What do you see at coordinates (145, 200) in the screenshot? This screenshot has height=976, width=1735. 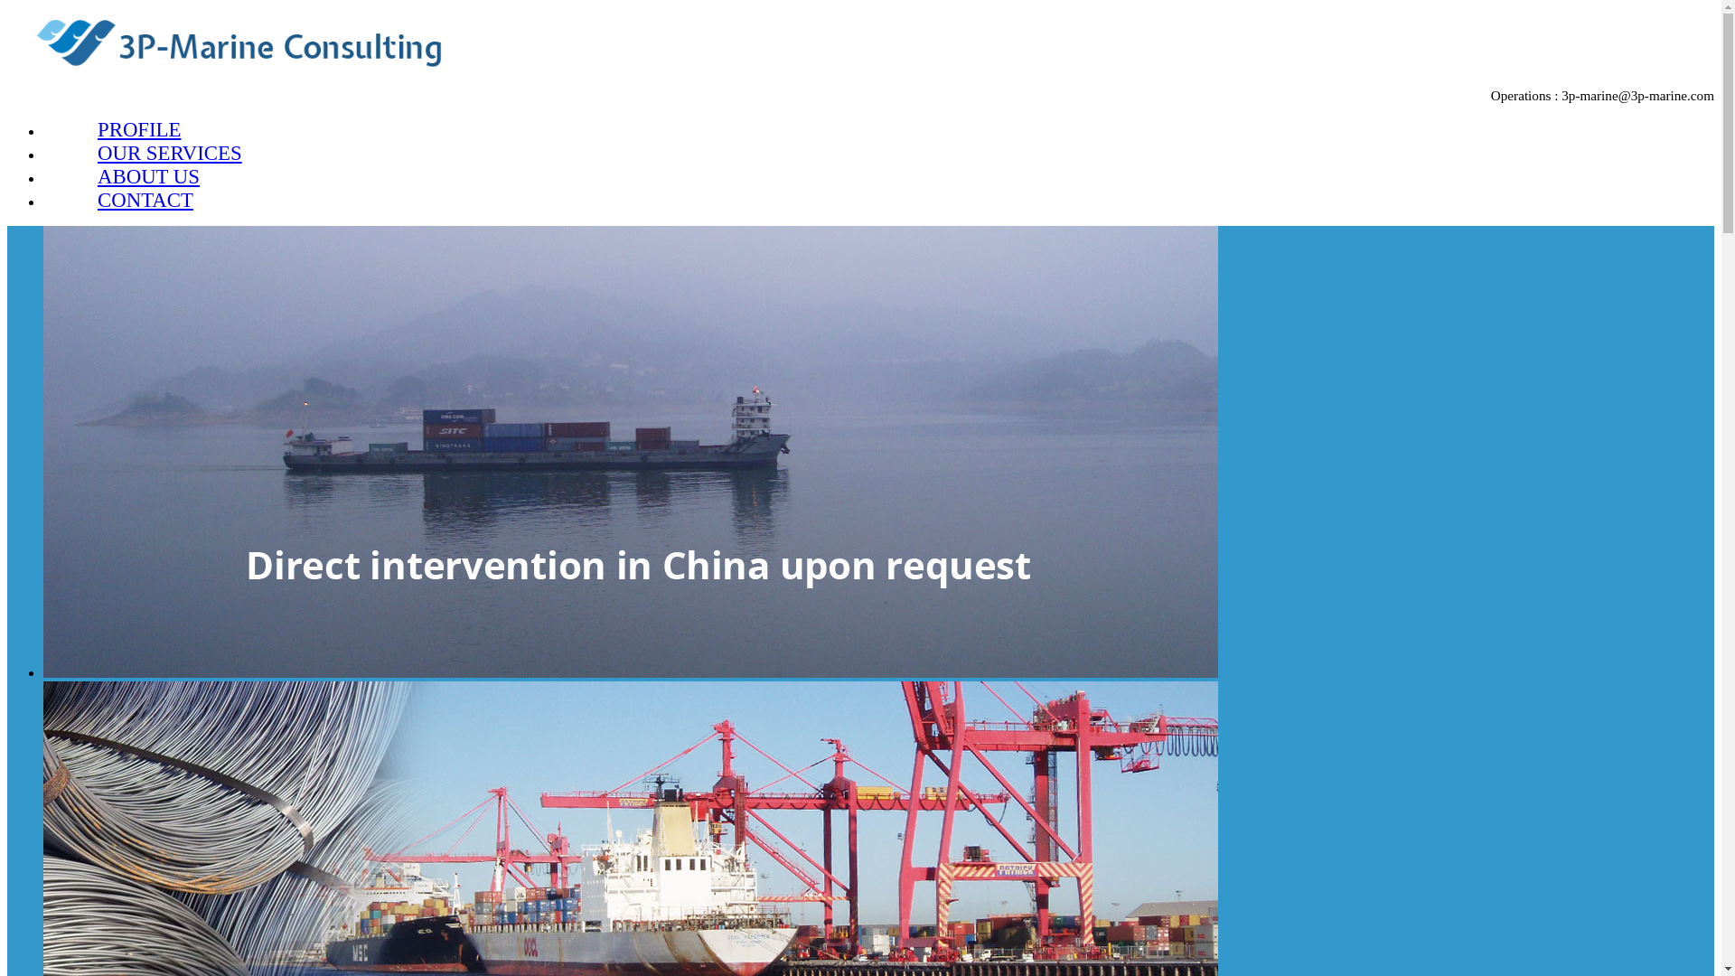 I see `'CONTACT'` at bounding box center [145, 200].